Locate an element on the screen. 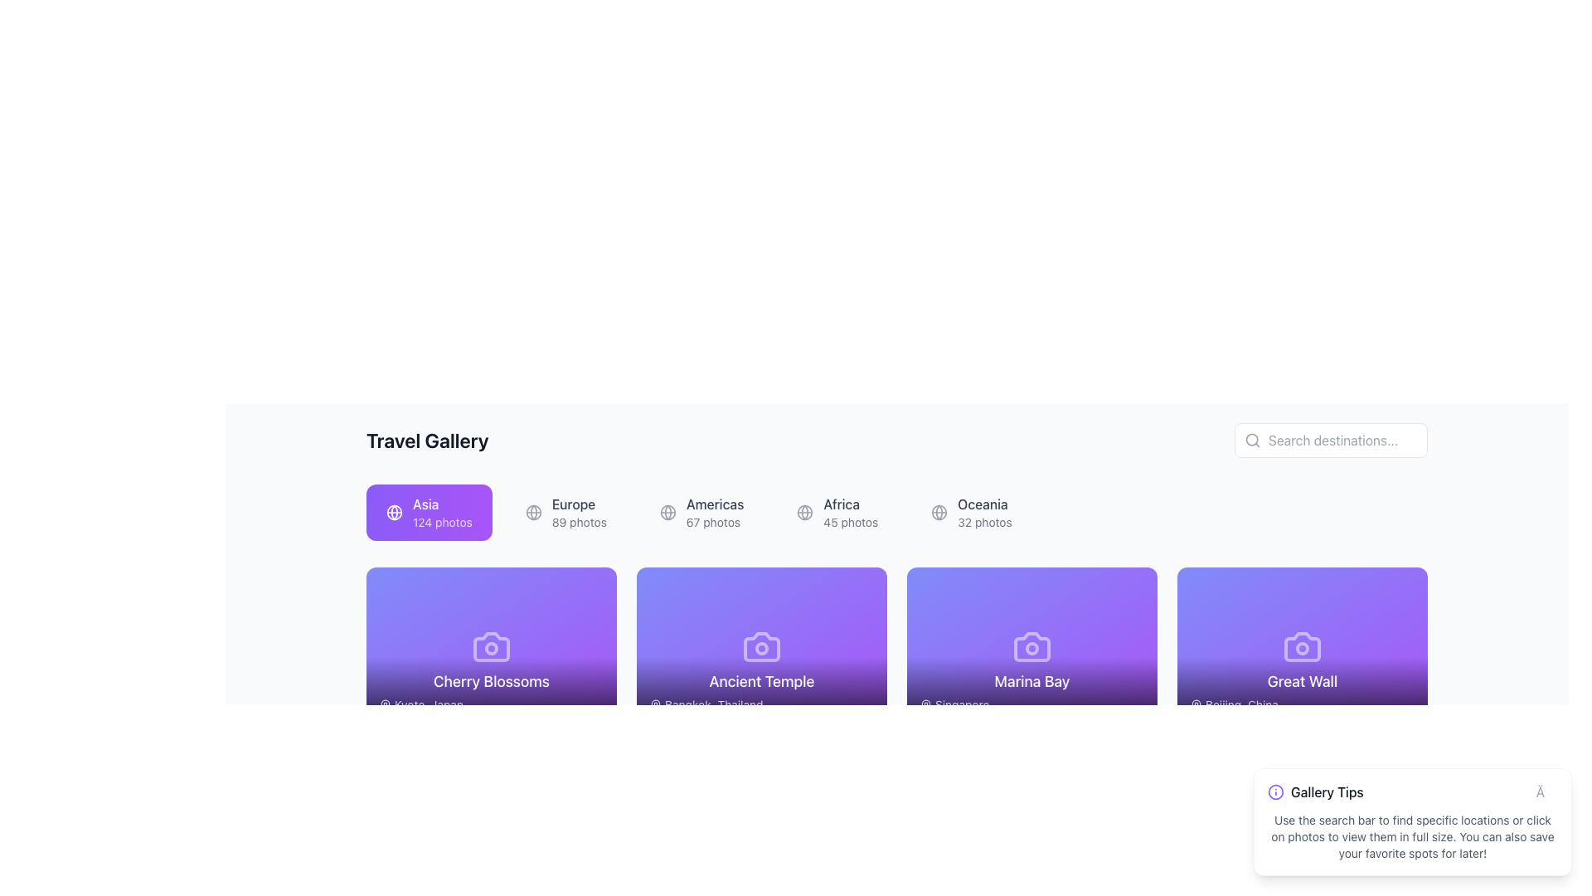 The width and height of the screenshot is (1592, 896). the Decorative SVG circle that represents a lens in the camera icon of the 'Great Wall' card, located on the purple background is located at coordinates (1301, 648).